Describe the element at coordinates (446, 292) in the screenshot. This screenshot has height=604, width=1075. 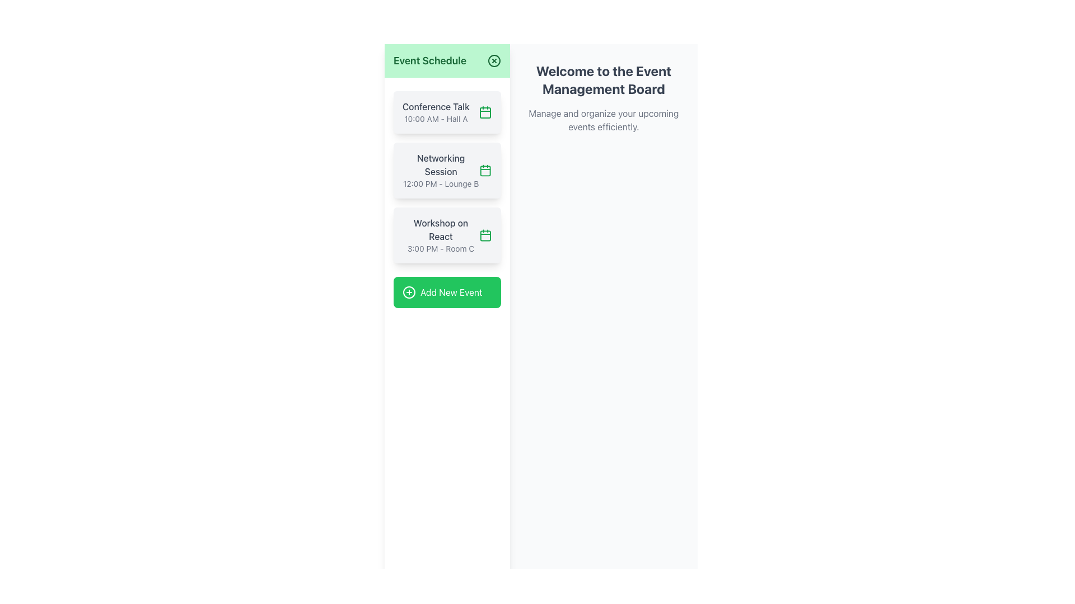
I see `the green button labeled 'Add New Event' located beneath the 'Workshop on React' item in the event list` at that location.